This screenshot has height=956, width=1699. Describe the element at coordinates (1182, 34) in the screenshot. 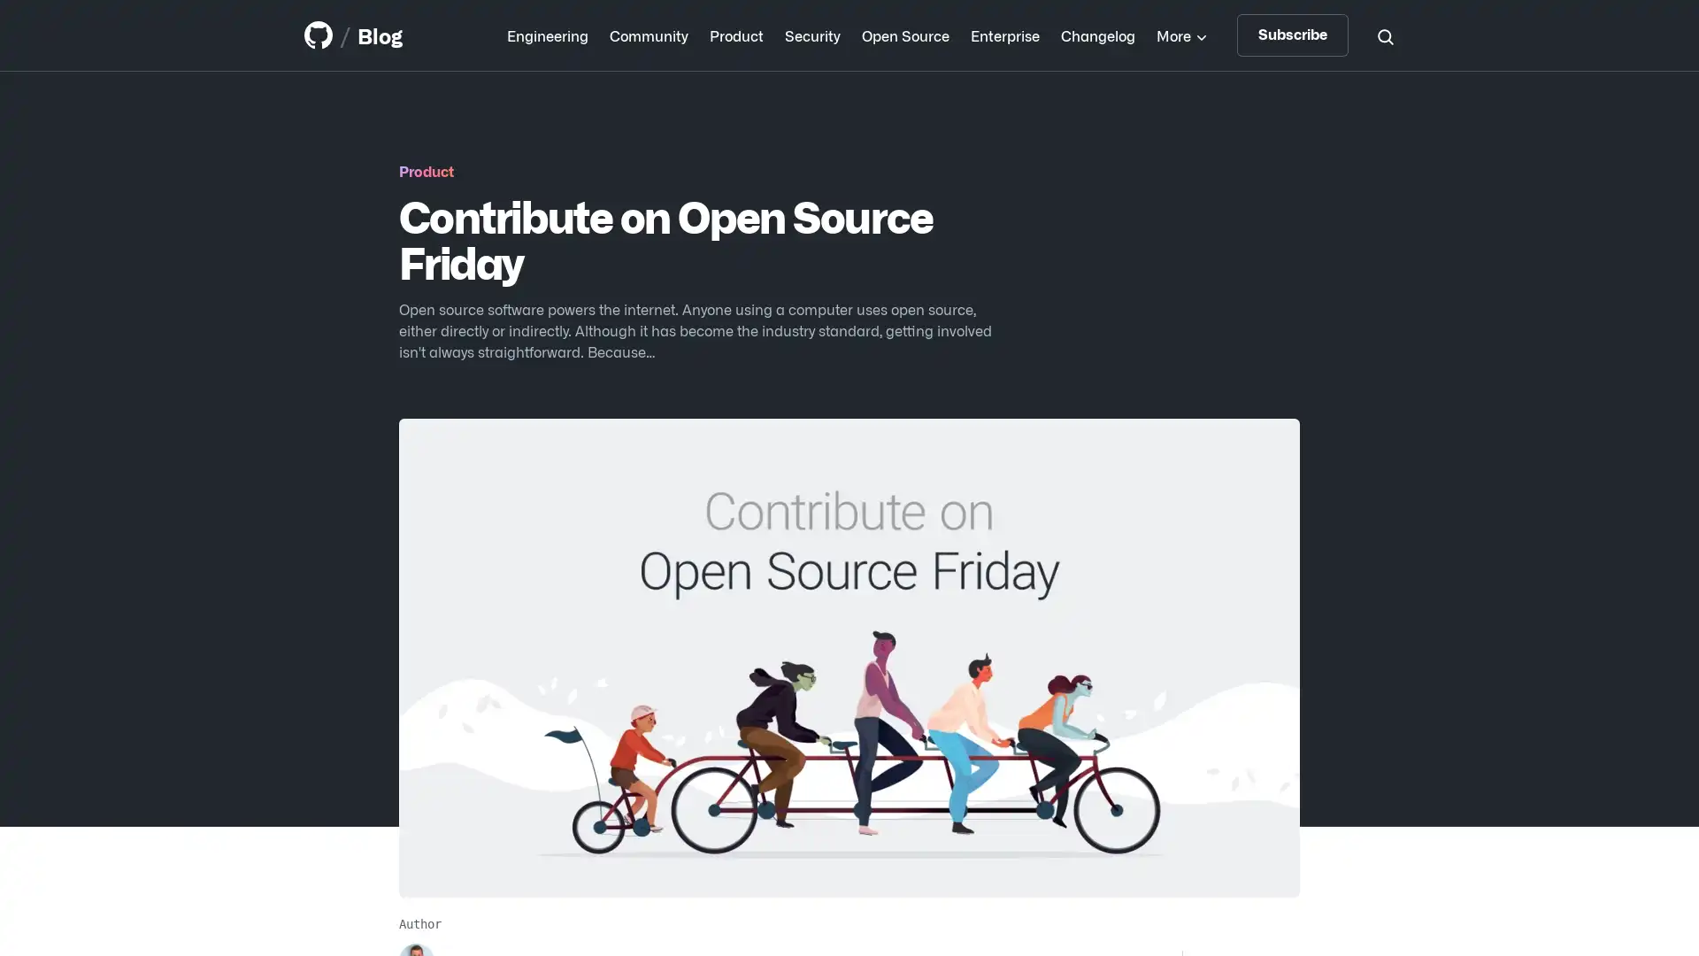

I see `More` at that location.